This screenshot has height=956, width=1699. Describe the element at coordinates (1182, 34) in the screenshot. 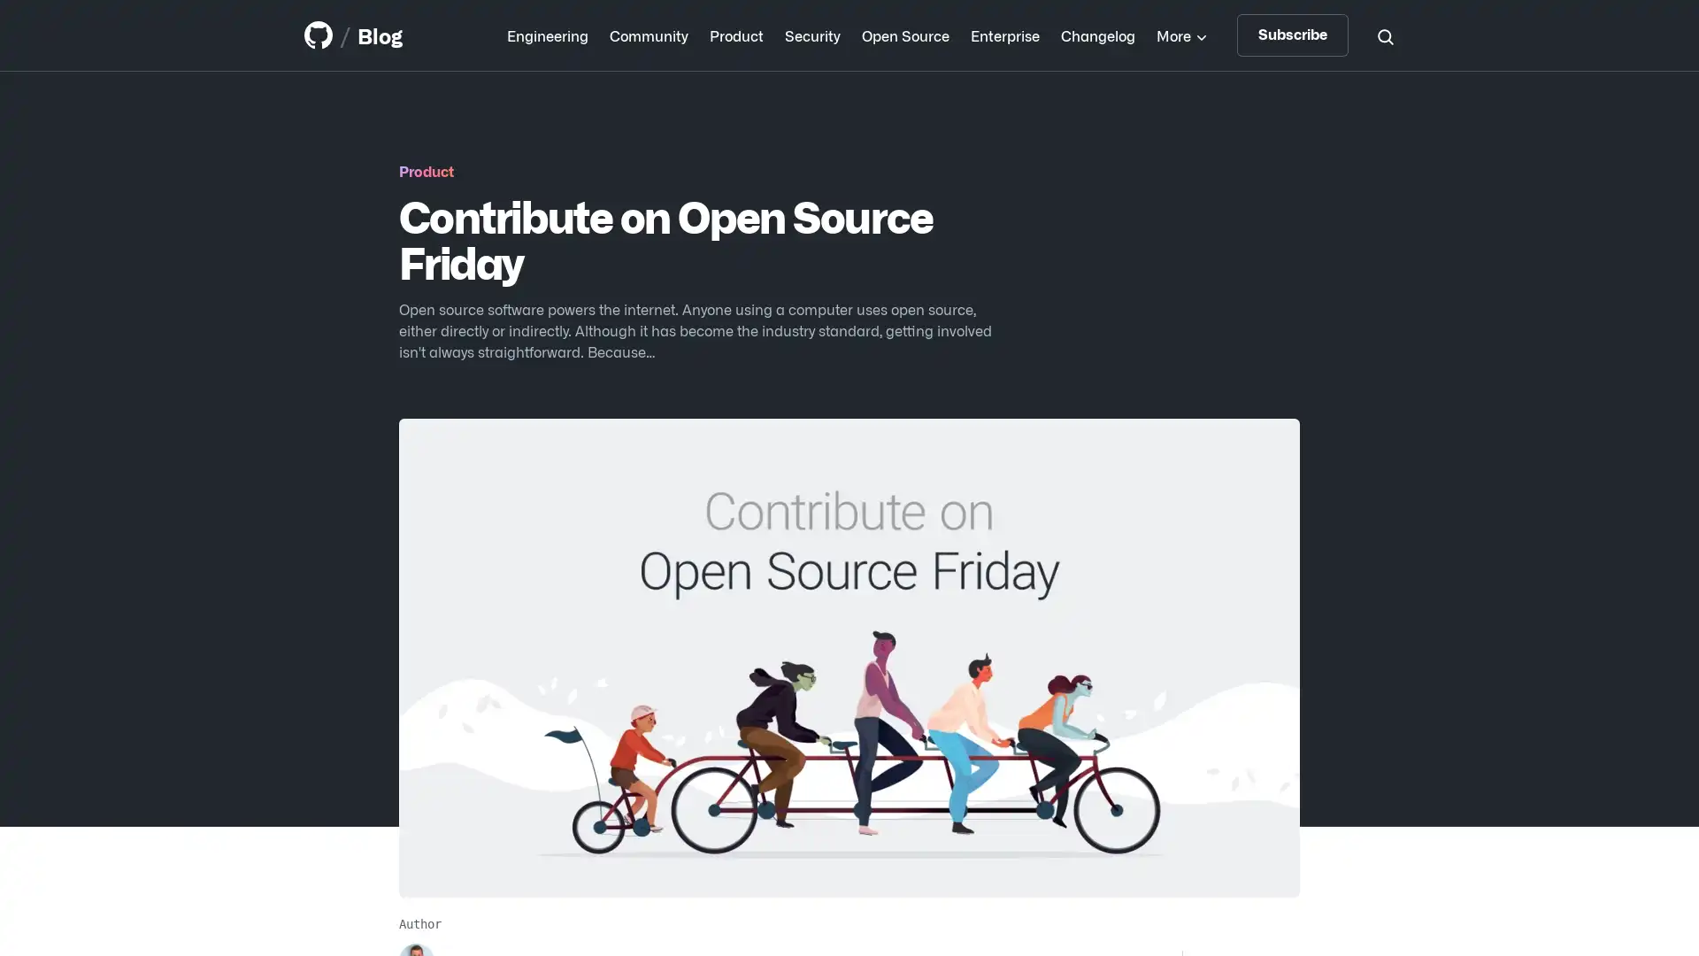

I see `More` at that location.